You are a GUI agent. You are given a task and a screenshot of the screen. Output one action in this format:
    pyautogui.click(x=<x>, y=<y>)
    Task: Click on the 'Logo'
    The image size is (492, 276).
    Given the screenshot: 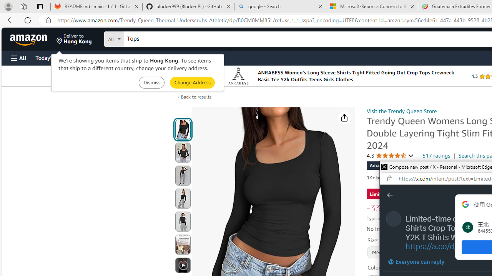 What is the action you would take?
    pyautogui.click(x=238, y=76)
    